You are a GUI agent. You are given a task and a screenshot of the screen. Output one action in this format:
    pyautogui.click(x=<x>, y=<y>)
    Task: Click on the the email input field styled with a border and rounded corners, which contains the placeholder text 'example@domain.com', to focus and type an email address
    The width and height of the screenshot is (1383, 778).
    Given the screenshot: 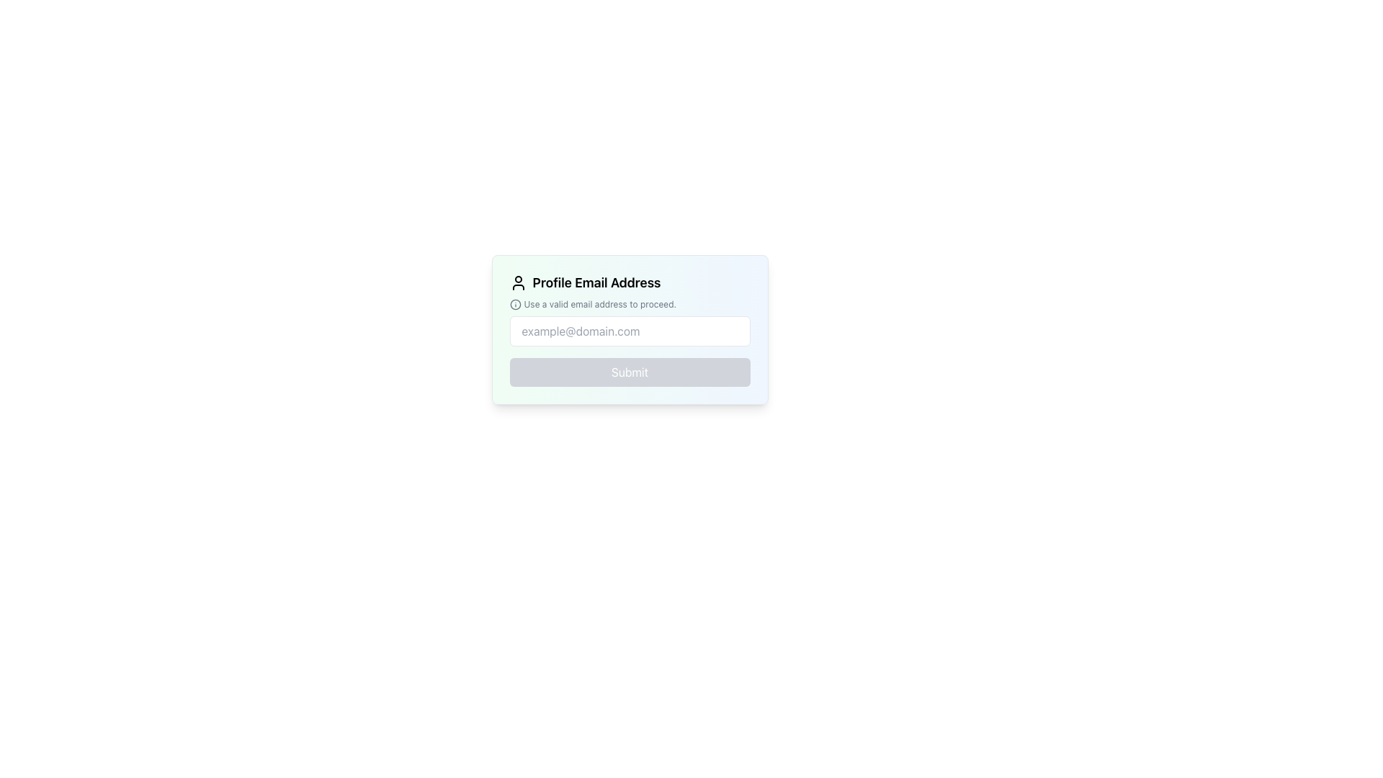 What is the action you would take?
    pyautogui.click(x=630, y=331)
    